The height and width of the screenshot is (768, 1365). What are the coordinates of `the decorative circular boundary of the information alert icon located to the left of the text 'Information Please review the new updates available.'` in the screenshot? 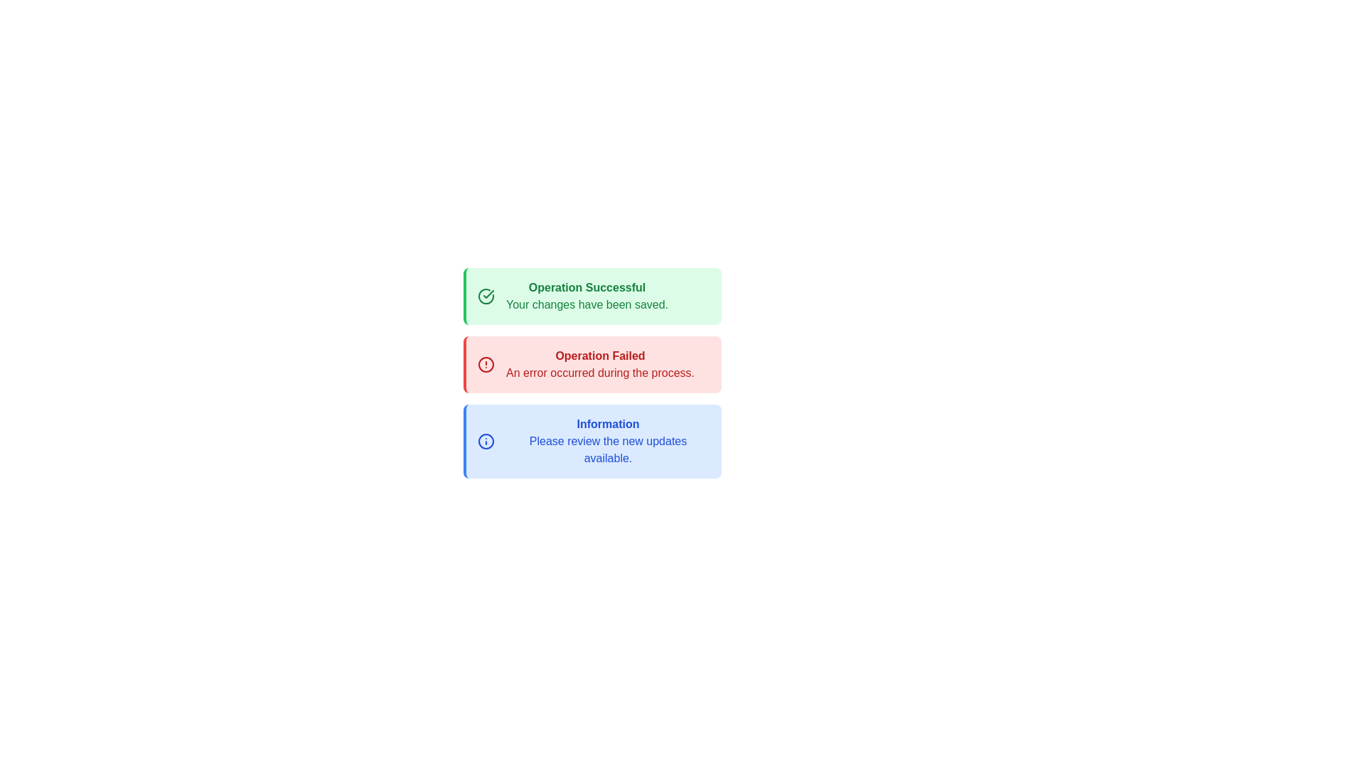 It's located at (486, 441).